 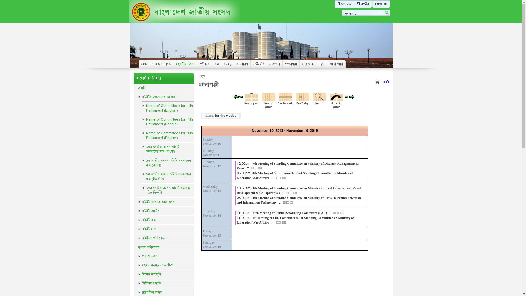 What do you see at coordinates (319, 100) in the screenshot?
I see `'Search'` at bounding box center [319, 100].